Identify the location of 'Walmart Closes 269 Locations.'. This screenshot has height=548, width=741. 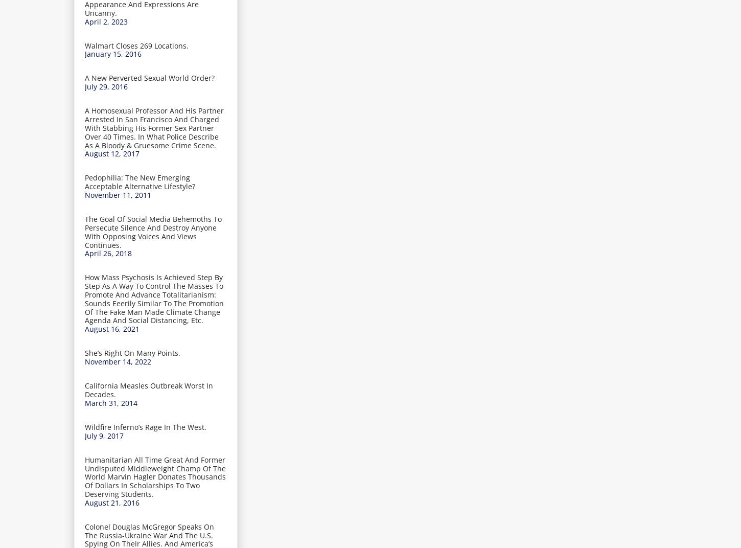
(136, 45).